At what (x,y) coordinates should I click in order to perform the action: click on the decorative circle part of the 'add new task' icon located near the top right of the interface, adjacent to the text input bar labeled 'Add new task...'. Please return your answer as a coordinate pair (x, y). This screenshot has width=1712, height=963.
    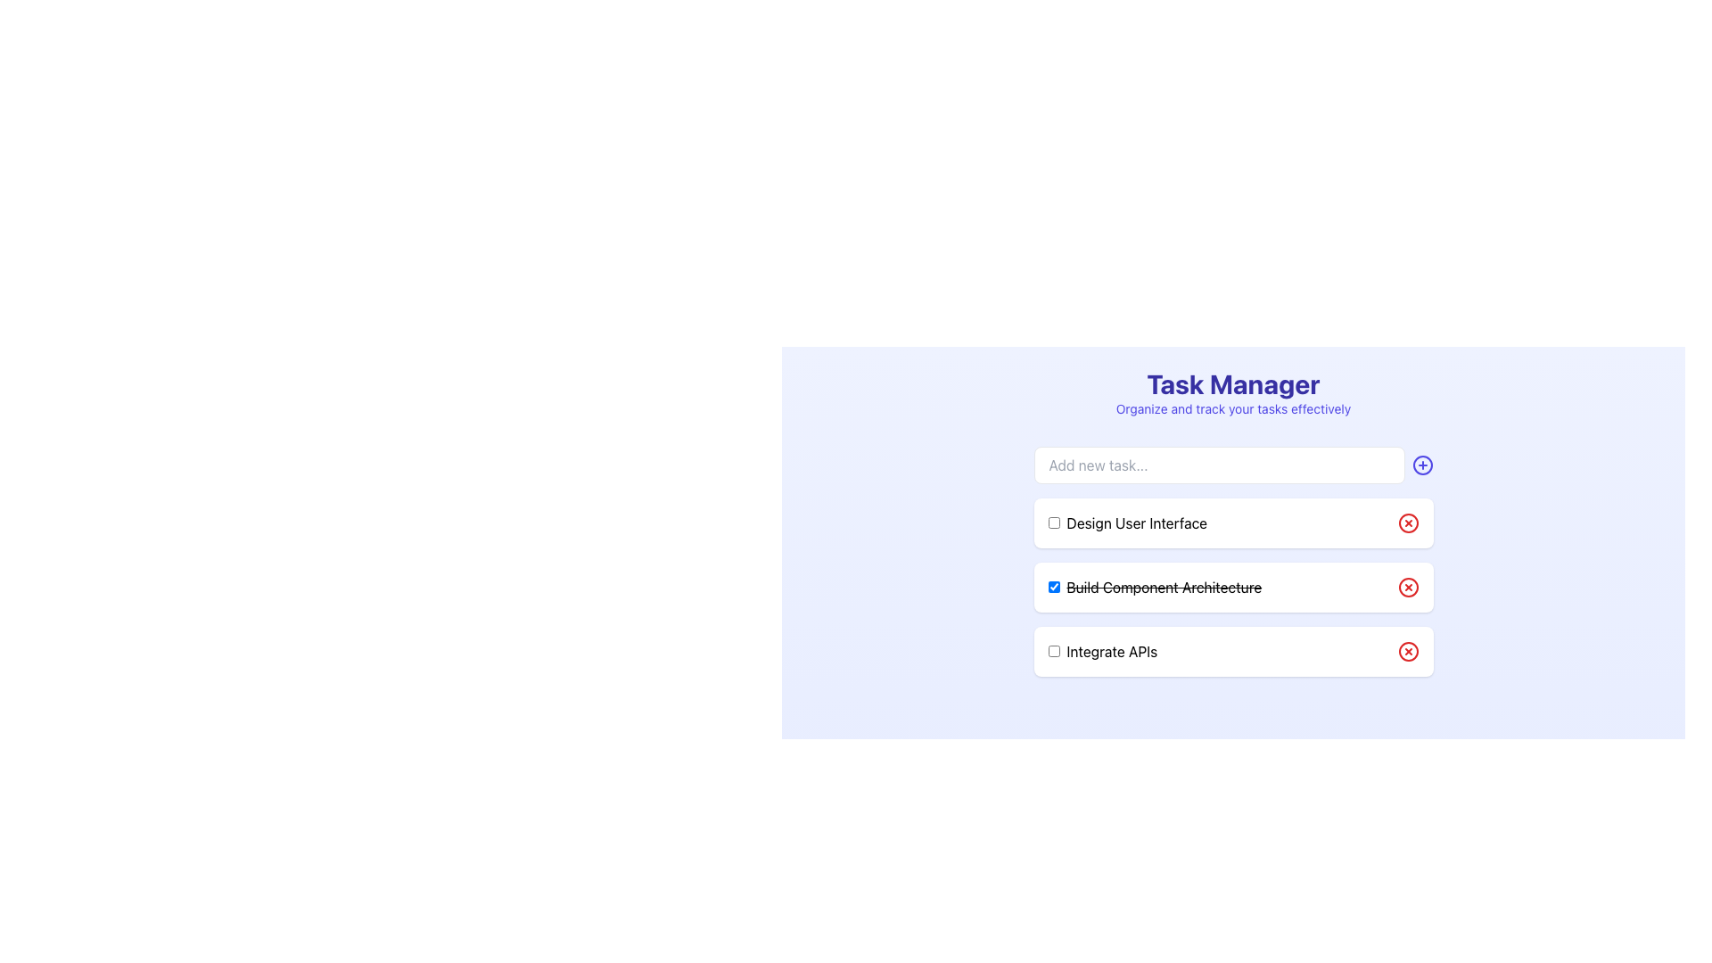
    Looking at the image, I should click on (1421, 464).